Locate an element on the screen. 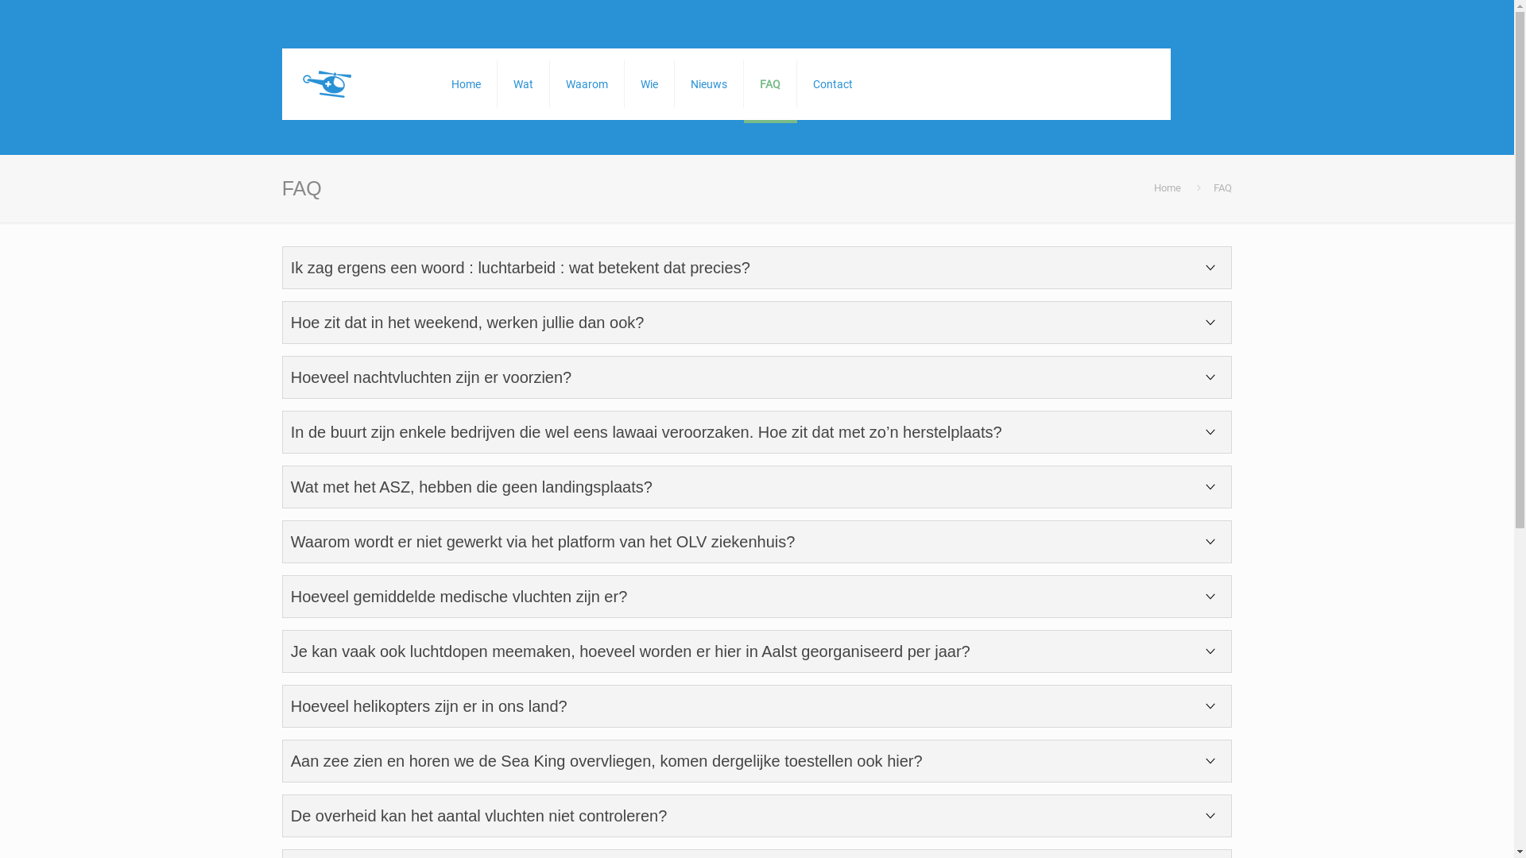 This screenshot has width=1526, height=858. 'Wat' is located at coordinates (523, 83).